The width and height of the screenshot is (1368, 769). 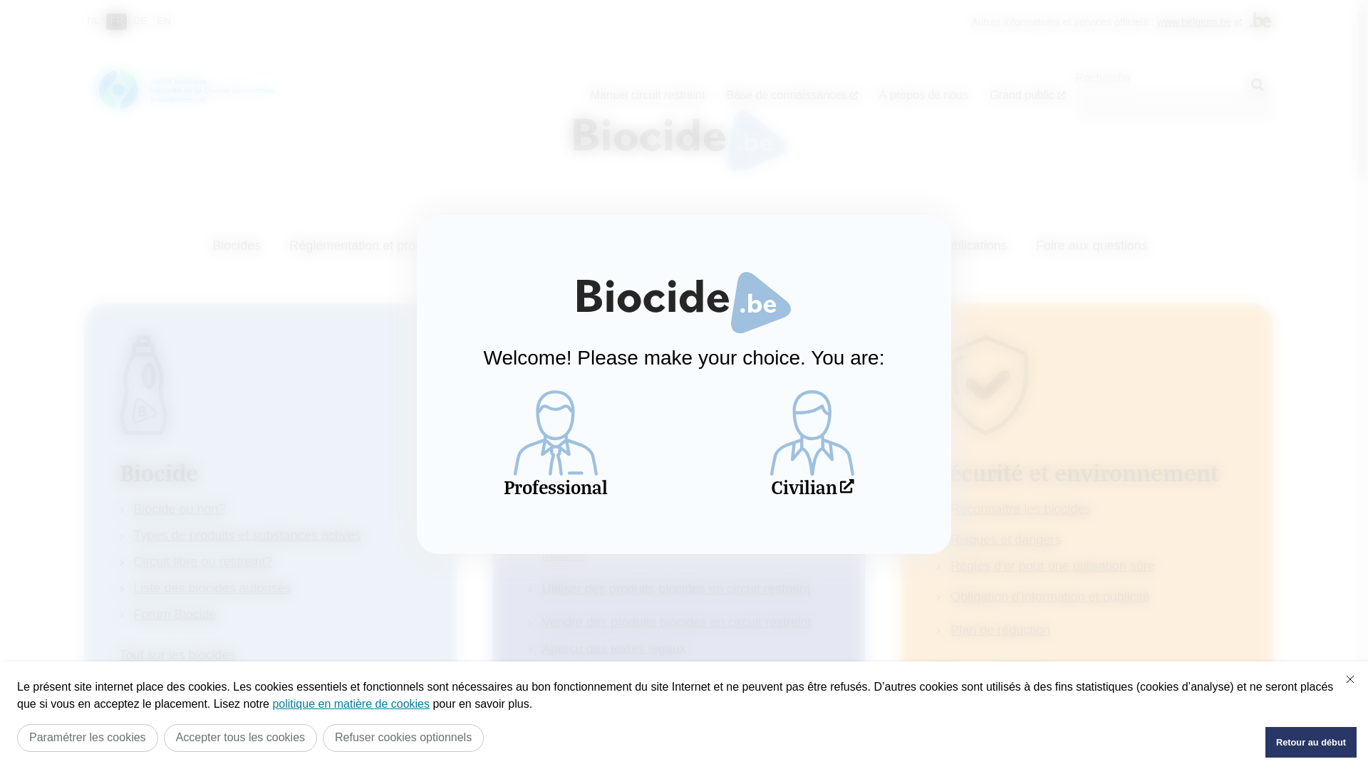 I want to click on 'Base de connaissances', so click(x=715, y=95).